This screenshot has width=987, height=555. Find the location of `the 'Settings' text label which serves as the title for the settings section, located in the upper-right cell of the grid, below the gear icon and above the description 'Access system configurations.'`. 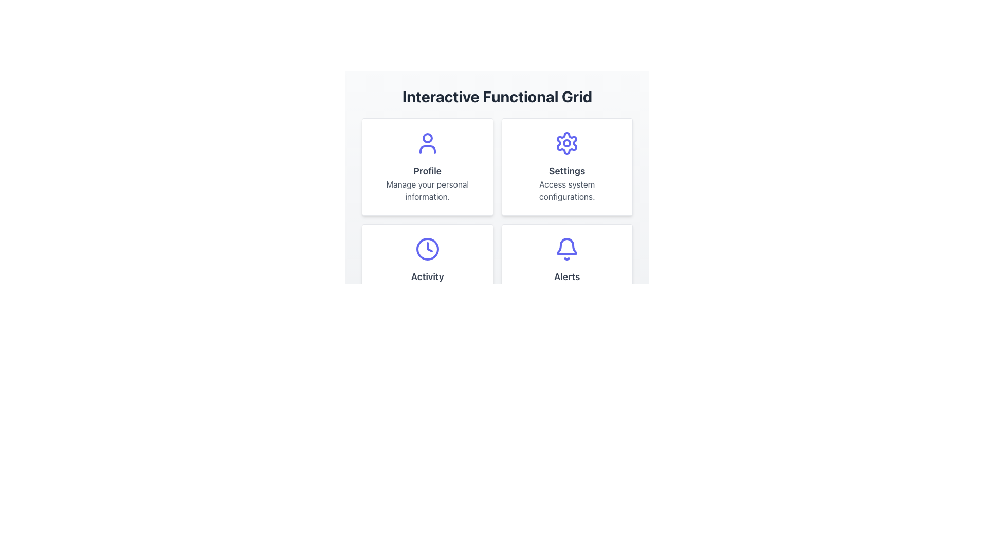

the 'Settings' text label which serves as the title for the settings section, located in the upper-right cell of the grid, below the gear icon and above the description 'Access system configurations.' is located at coordinates (566, 170).